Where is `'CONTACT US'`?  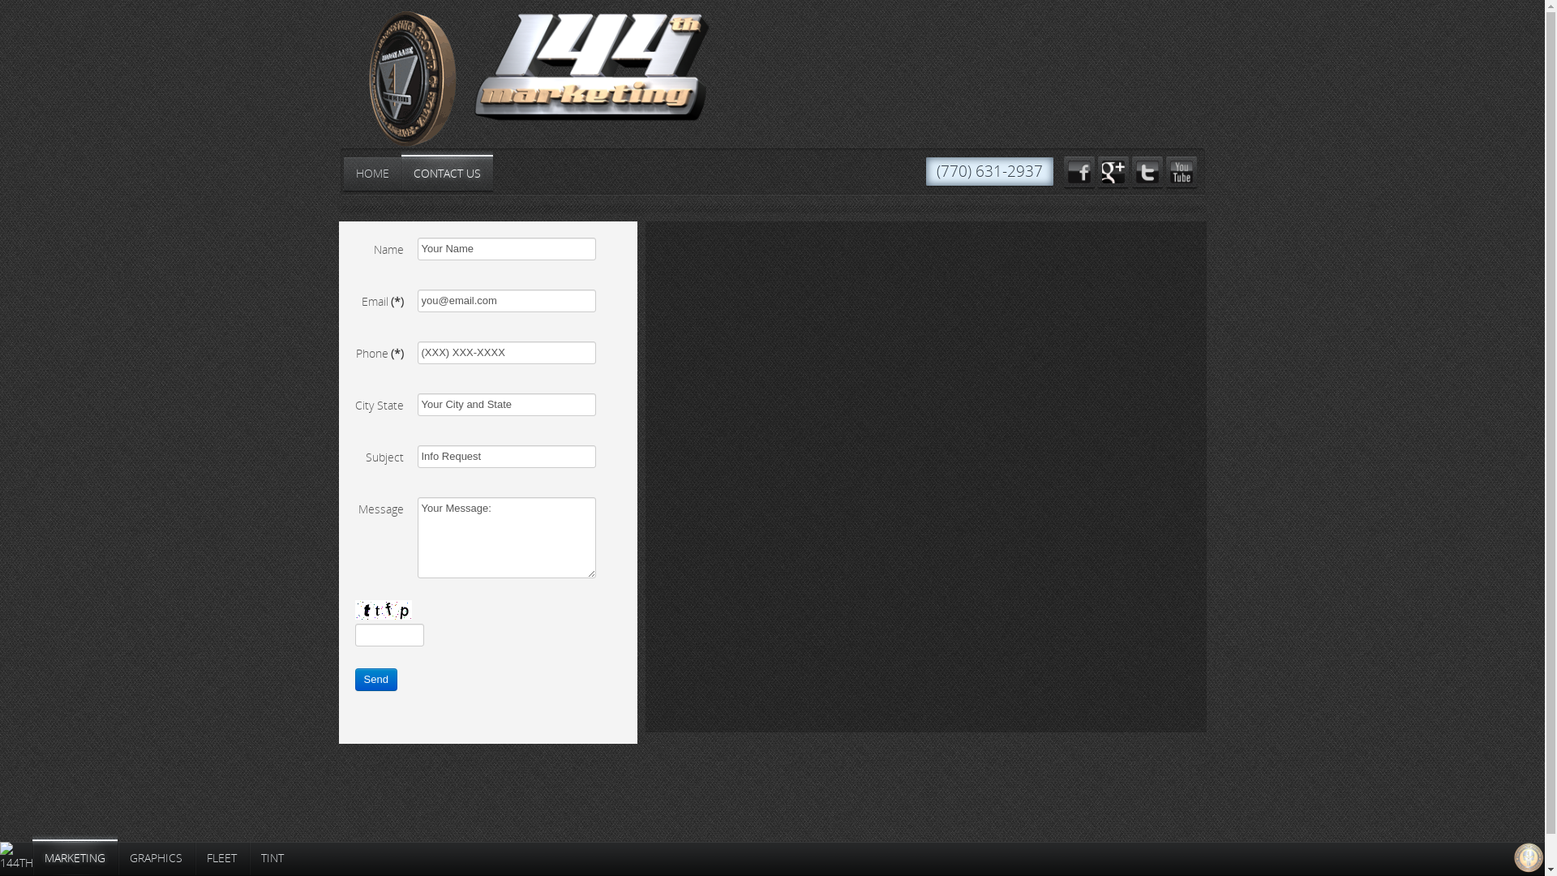 'CONTACT US' is located at coordinates (446, 174).